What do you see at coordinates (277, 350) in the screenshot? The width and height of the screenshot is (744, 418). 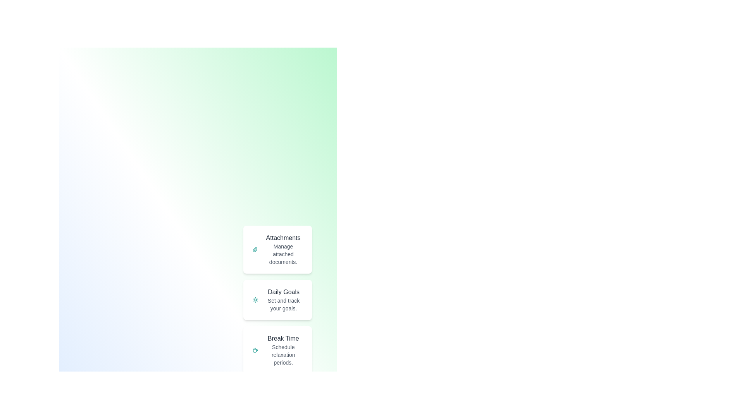 I see `the speed dial option Break Time to access its functionality` at bounding box center [277, 350].